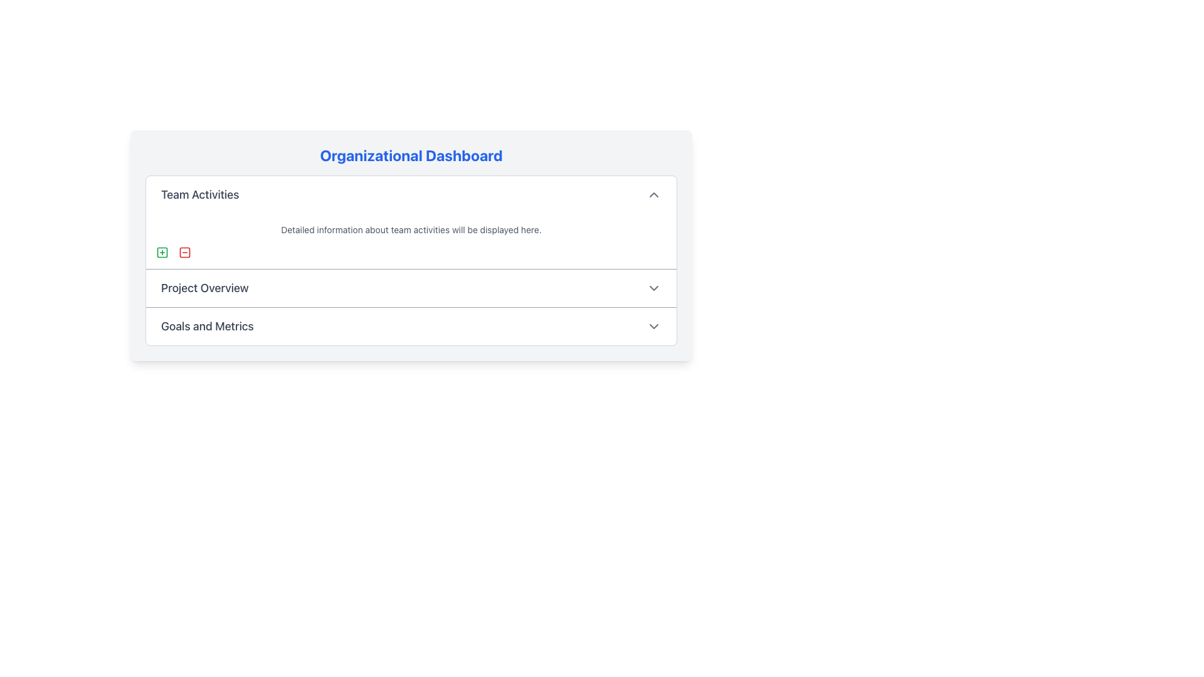 The width and height of the screenshot is (1204, 677). I want to click on the toggle icon located to the right of the 'Goals and Metrics' text, so click(653, 325).